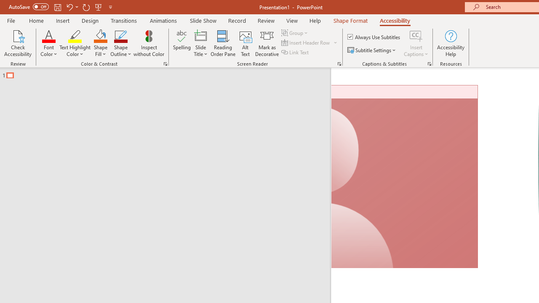 The width and height of the screenshot is (539, 303). What do you see at coordinates (339, 63) in the screenshot?
I see `'Screen Reader'` at bounding box center [339, 63].